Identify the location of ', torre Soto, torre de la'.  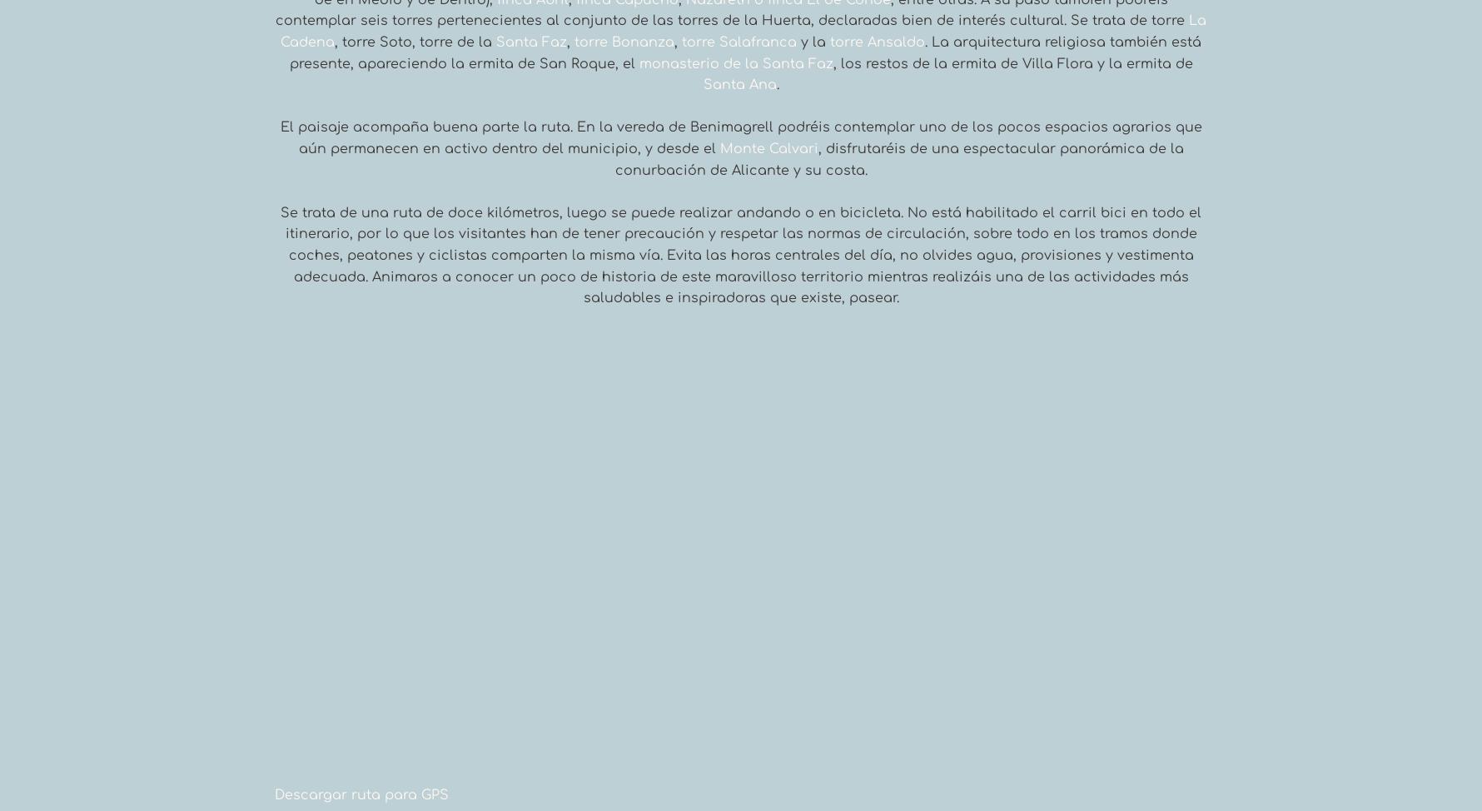
(333, 42).